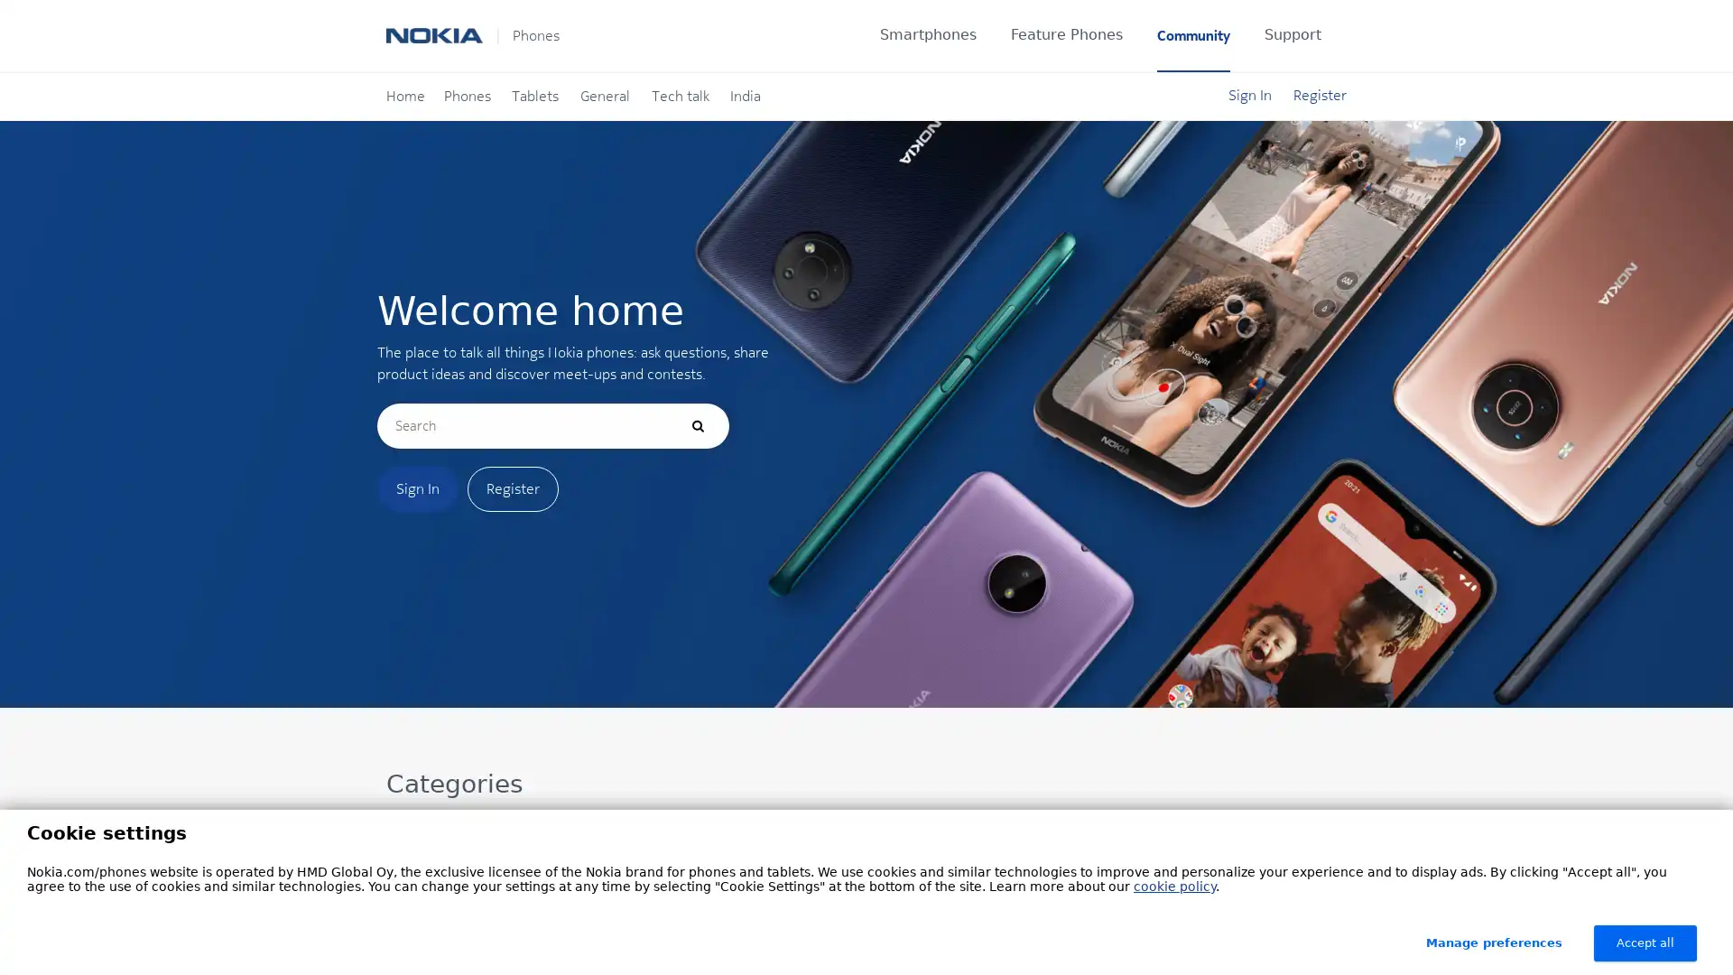  I want to click on Search, so click(696, 425).